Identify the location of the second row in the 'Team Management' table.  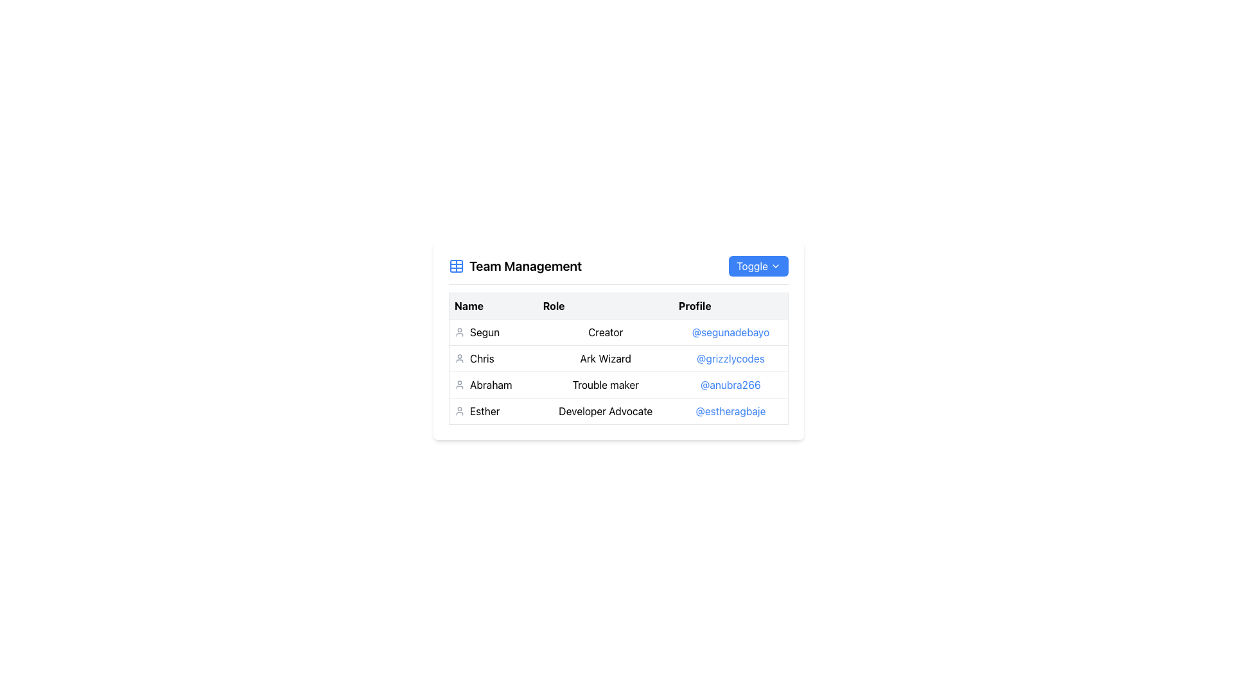
(618, 359).